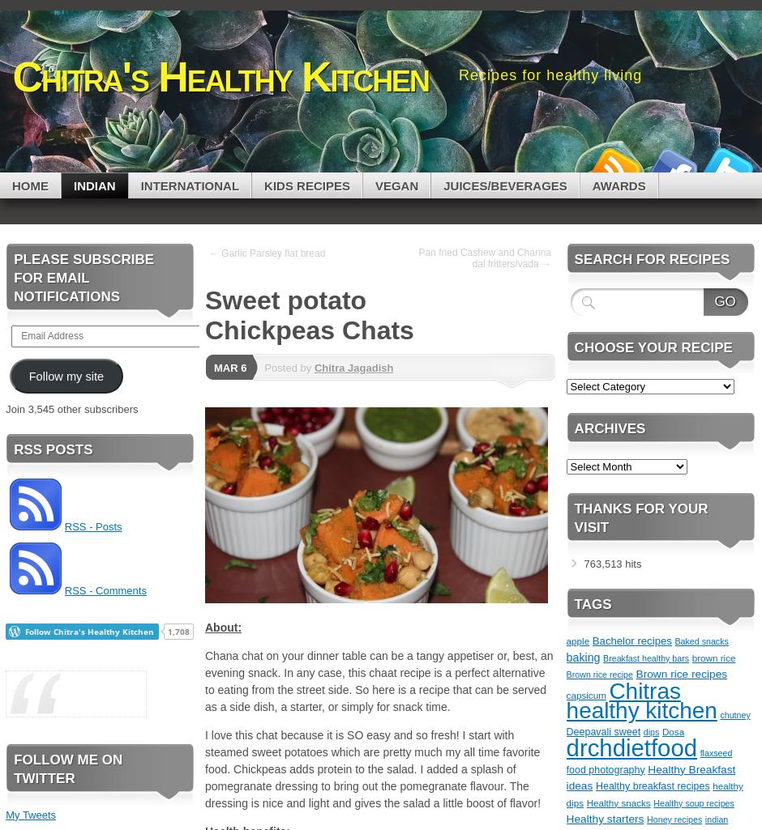 The image size is (762, 830). Describe the element at coordinates (139, 185) in the screenshot. I see `'International'` at that location.